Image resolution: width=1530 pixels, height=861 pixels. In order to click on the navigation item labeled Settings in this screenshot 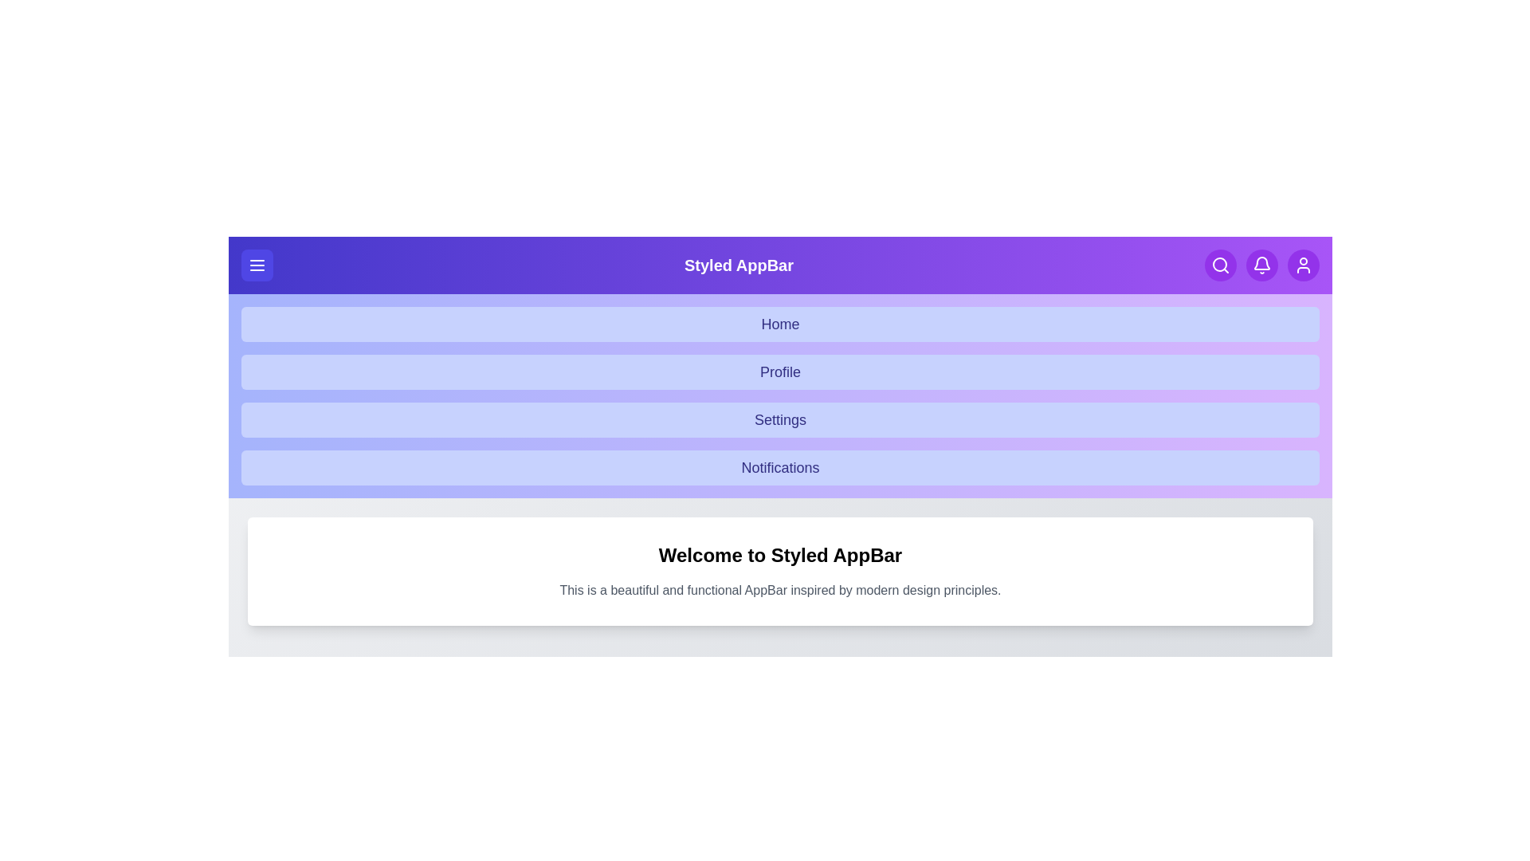, I will do `click(780, 419)`.